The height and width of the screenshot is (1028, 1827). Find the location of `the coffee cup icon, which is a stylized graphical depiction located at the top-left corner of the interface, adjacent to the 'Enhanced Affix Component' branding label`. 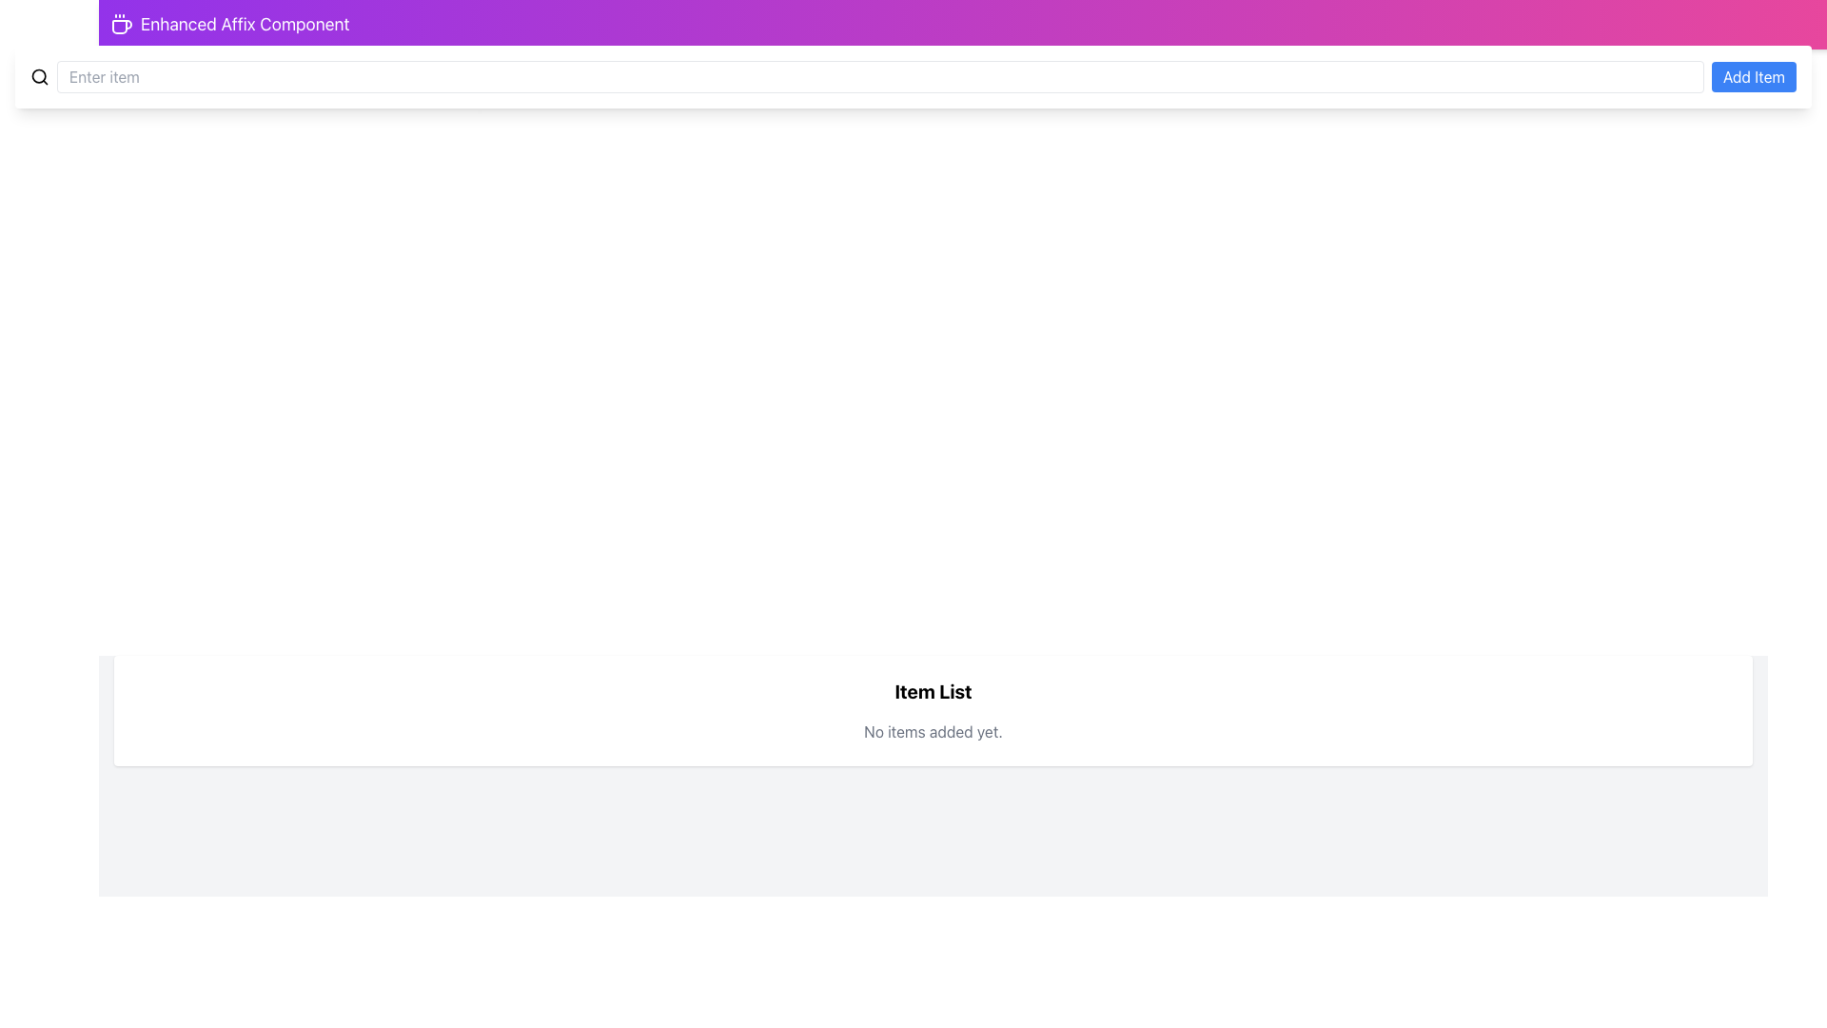

the coffee cup icon, which is a stylized graphical depiction located at the top-left corner of the interface, adjacent to the 'Enhanced Affix Component' branding label is located at coordinates (121, 27).